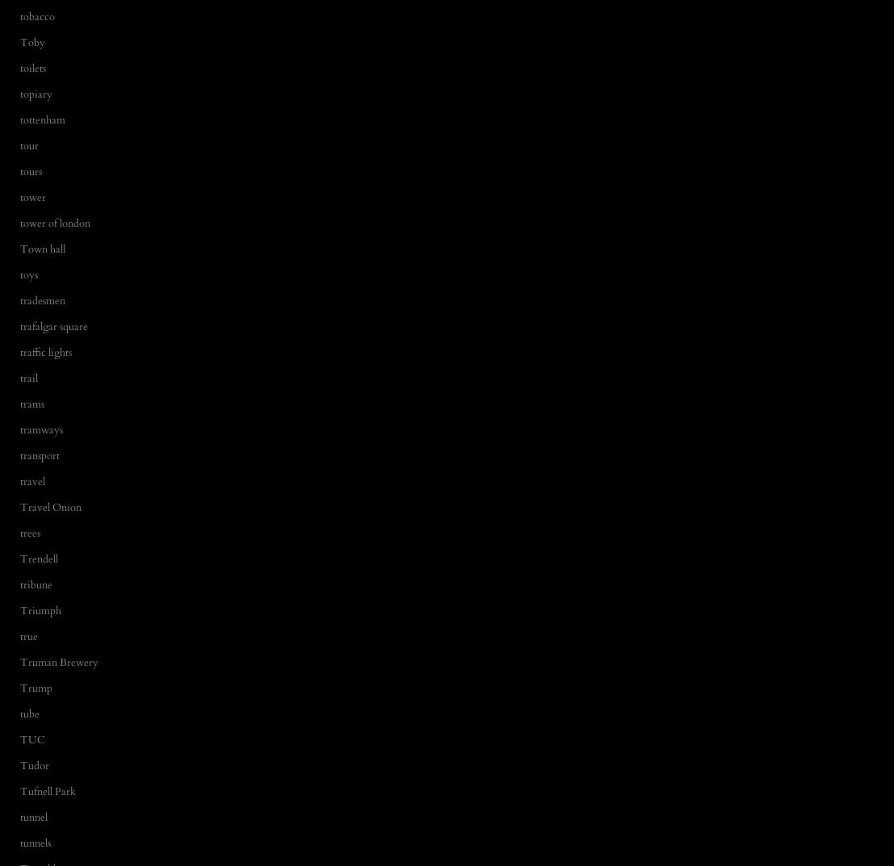 Image resolution: width=894 pixels, height=866 pixels. Describe the element at coordinates (29, 378) in the screenshot. I see `'trail'` at that location.